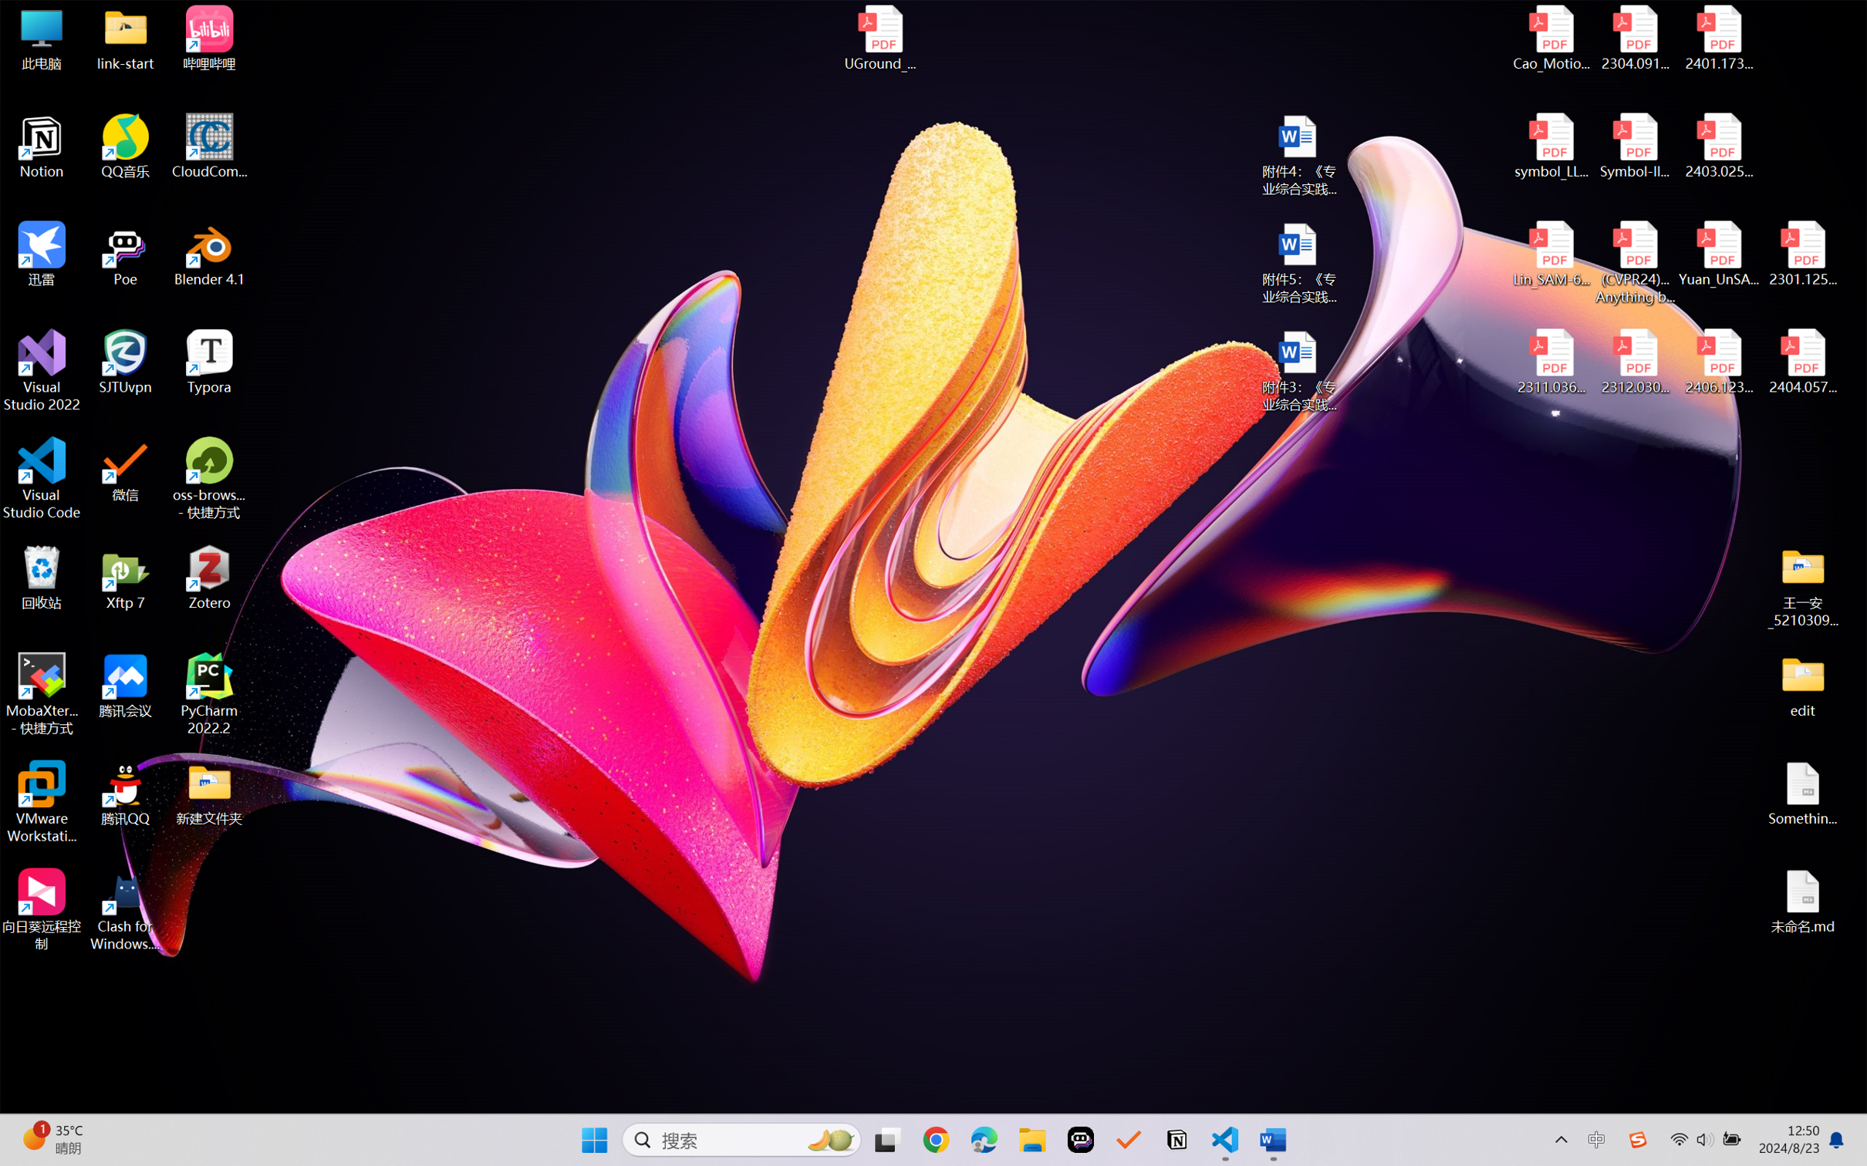 Image resolution: width=1867 pixels, height=1166 pixels. What do you see at coordinates (1634, 262) in the screenshot?
I see `'(CVPR24)Matching Anything by Segmenting Anything.pdf'` at bounding box center [1634, 262].